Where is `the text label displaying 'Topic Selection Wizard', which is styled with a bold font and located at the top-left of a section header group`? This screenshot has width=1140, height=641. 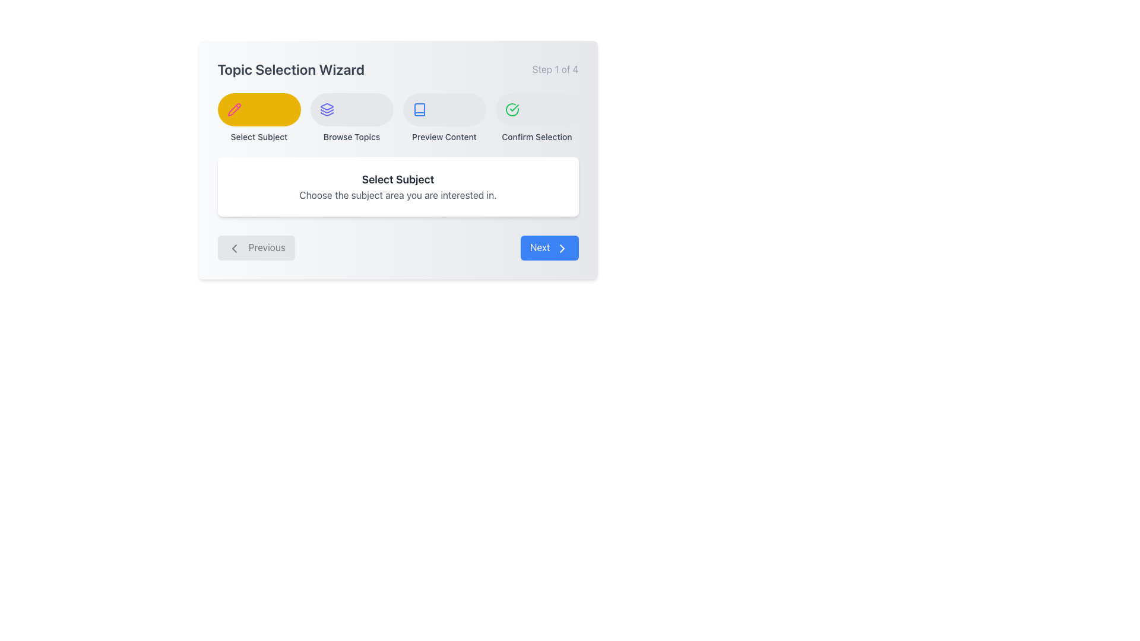
the text label displaying 'Topic Selection Wizard', which is styled with a bold font and located at the top-left of a section header group is located at coordinates (291, 69).